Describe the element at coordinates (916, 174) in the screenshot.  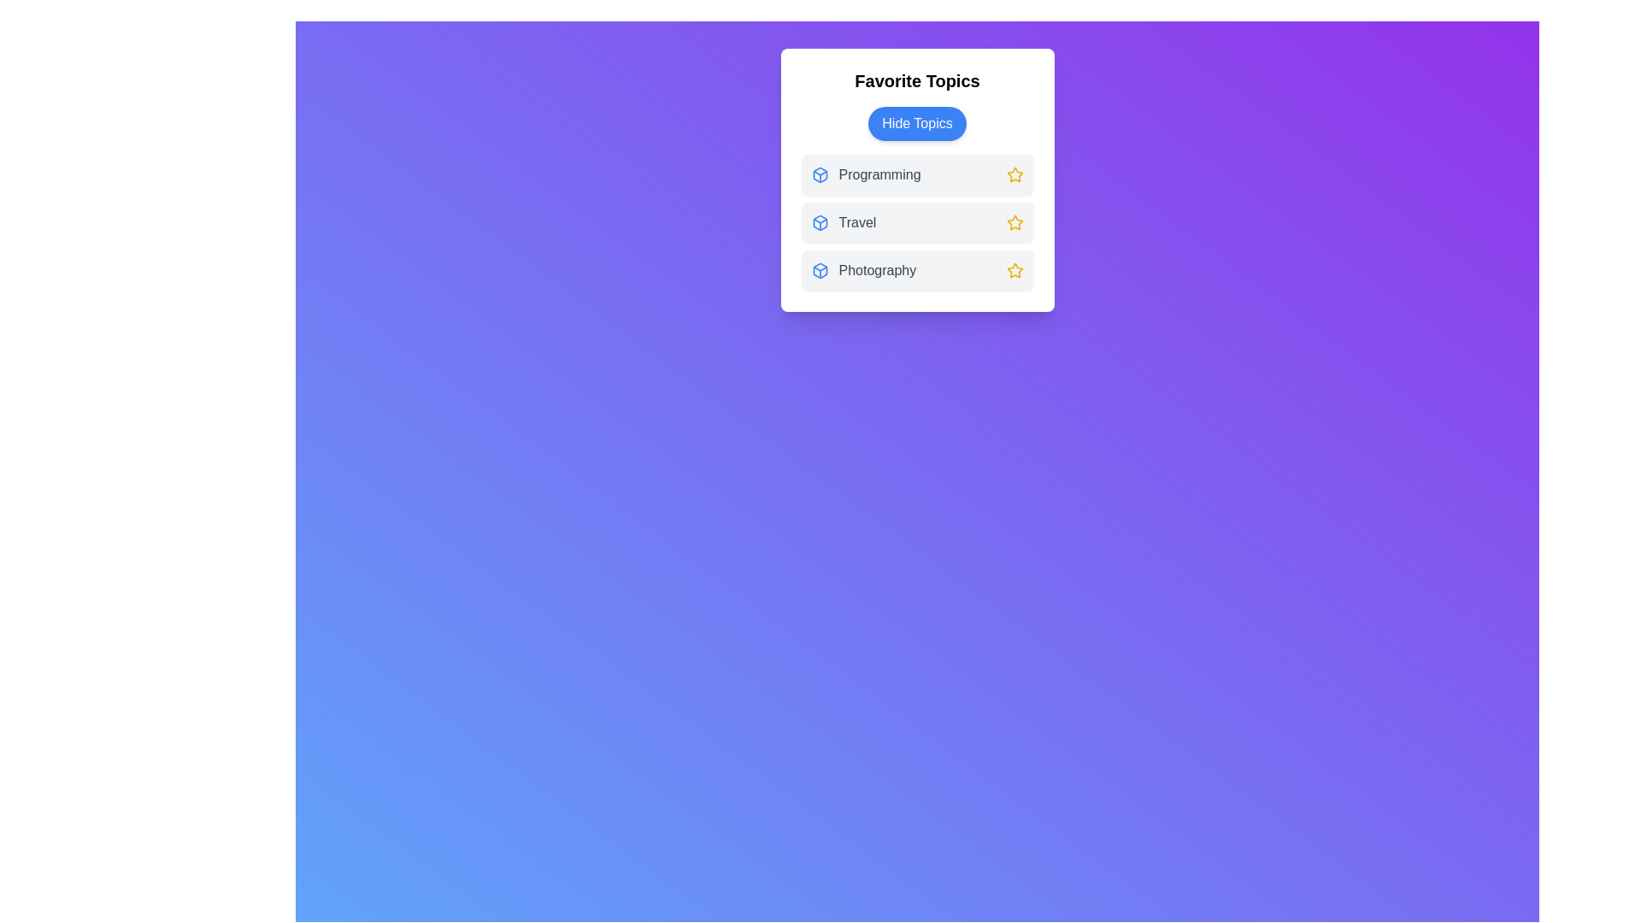
I see `the static label 'Programming' which is the first item in the list under 'Favorite Topics', featuring a blue cube icon on the left and a yellow star icon on the right` at that location.